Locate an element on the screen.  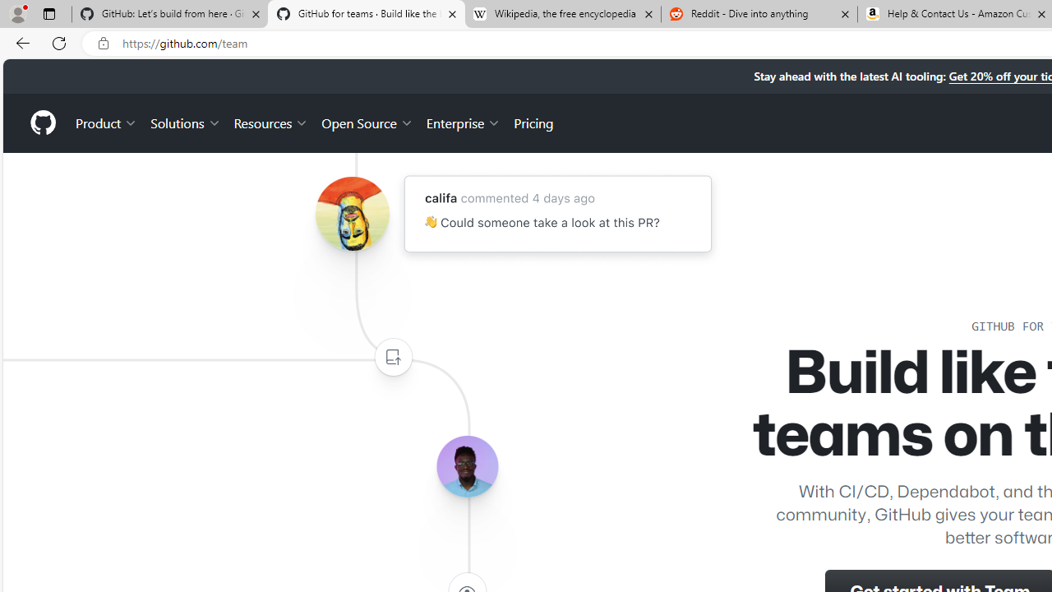
'Resources' is located at coordinates (271, 122).